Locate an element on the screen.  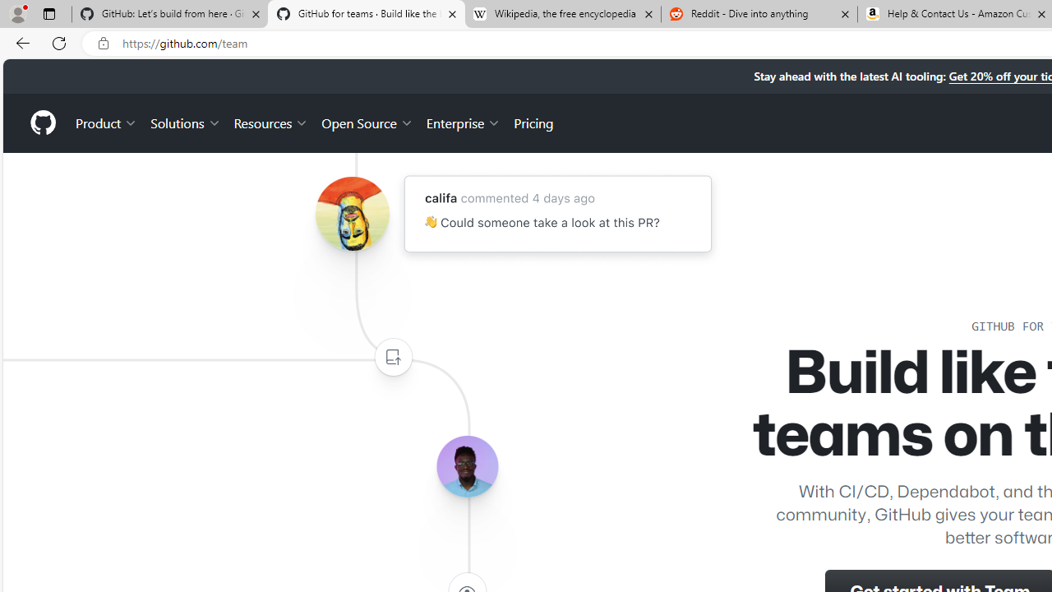
'Resources' is located at coordinates (271, 122).